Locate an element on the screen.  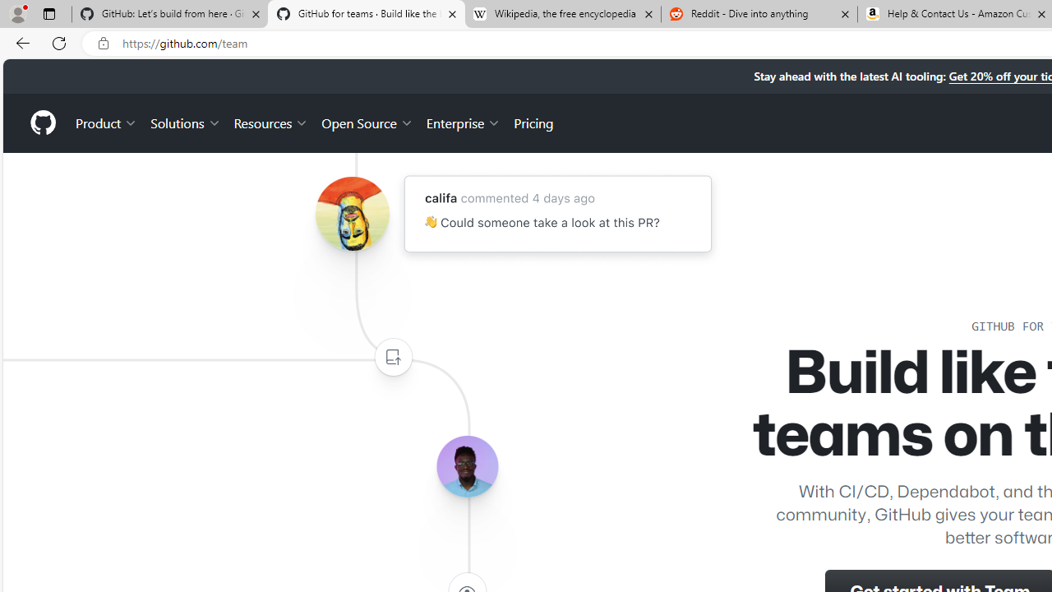
'Resources' is located at coordinates (271, 122).